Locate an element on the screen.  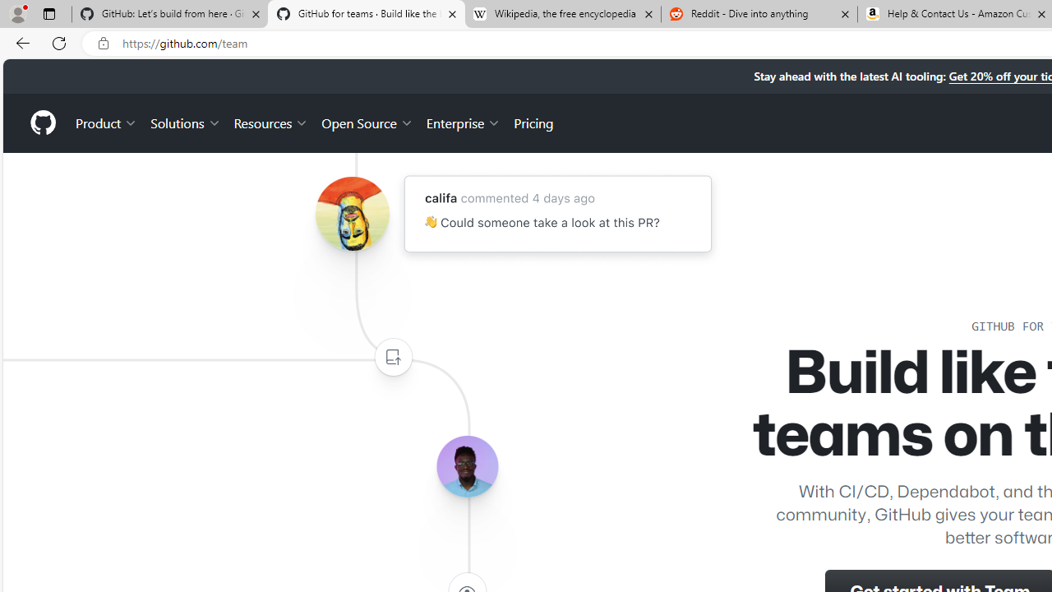
'Resources' is located at coordinates (271, 122).